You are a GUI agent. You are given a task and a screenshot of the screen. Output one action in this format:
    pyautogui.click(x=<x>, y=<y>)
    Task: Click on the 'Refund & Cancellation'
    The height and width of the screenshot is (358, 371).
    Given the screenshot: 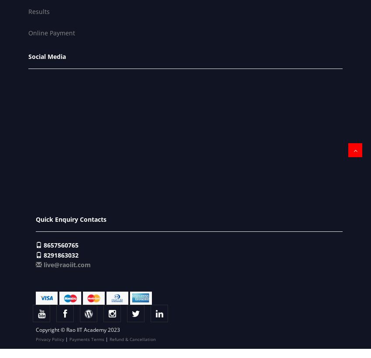 What is the action you would take?
    pyautogui.click(x=132, y=339)
    